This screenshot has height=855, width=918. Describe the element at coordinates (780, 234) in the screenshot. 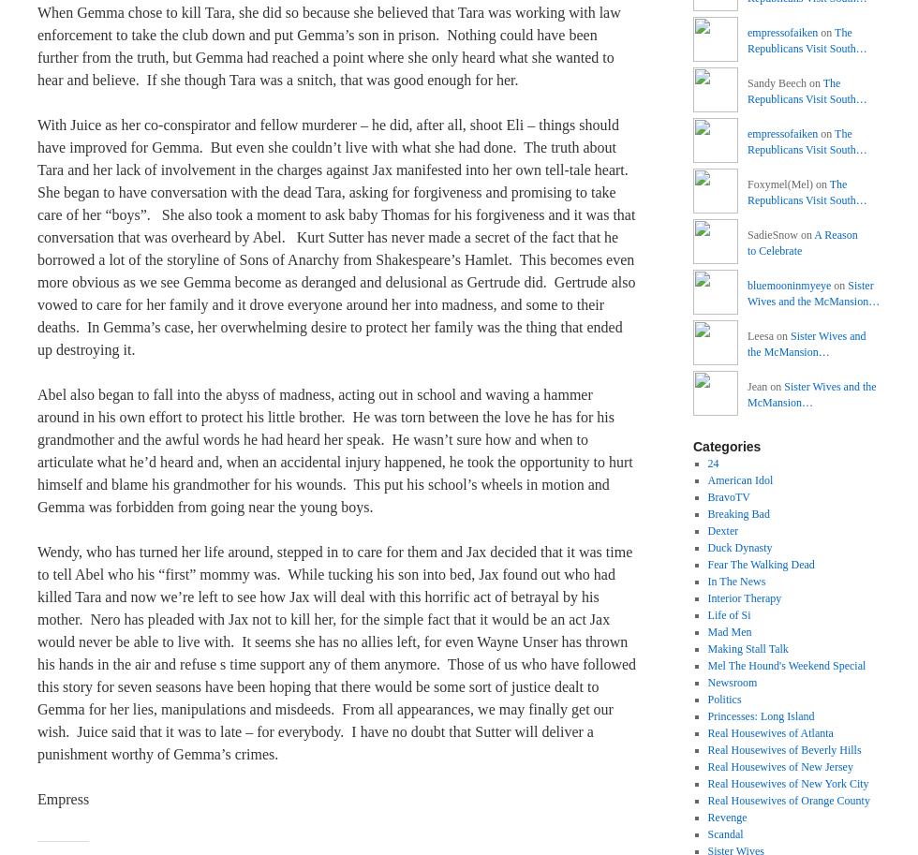

I see `'SadieSnow on'` at that location.